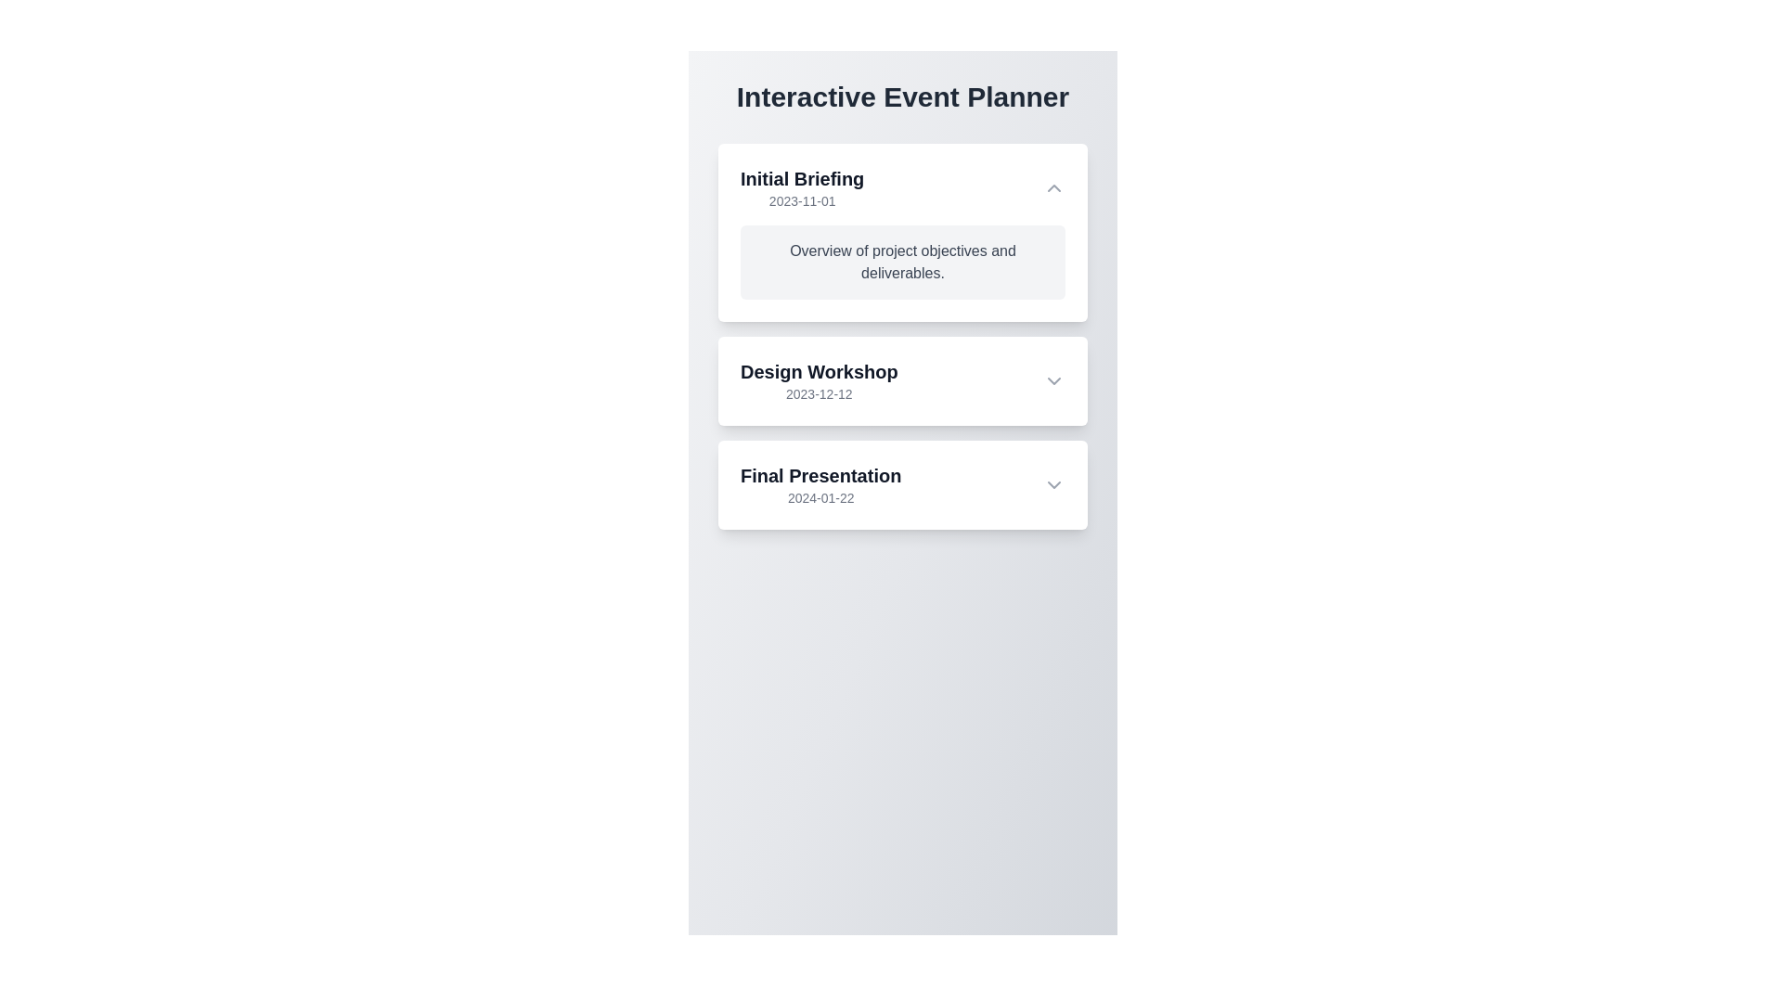 This screenshot has height=1002, width=1782. Describe the element at coordinates (802, 188) in the screenshot. I see `the topmost text display in the top left corner of the card that shows event information` at that location.